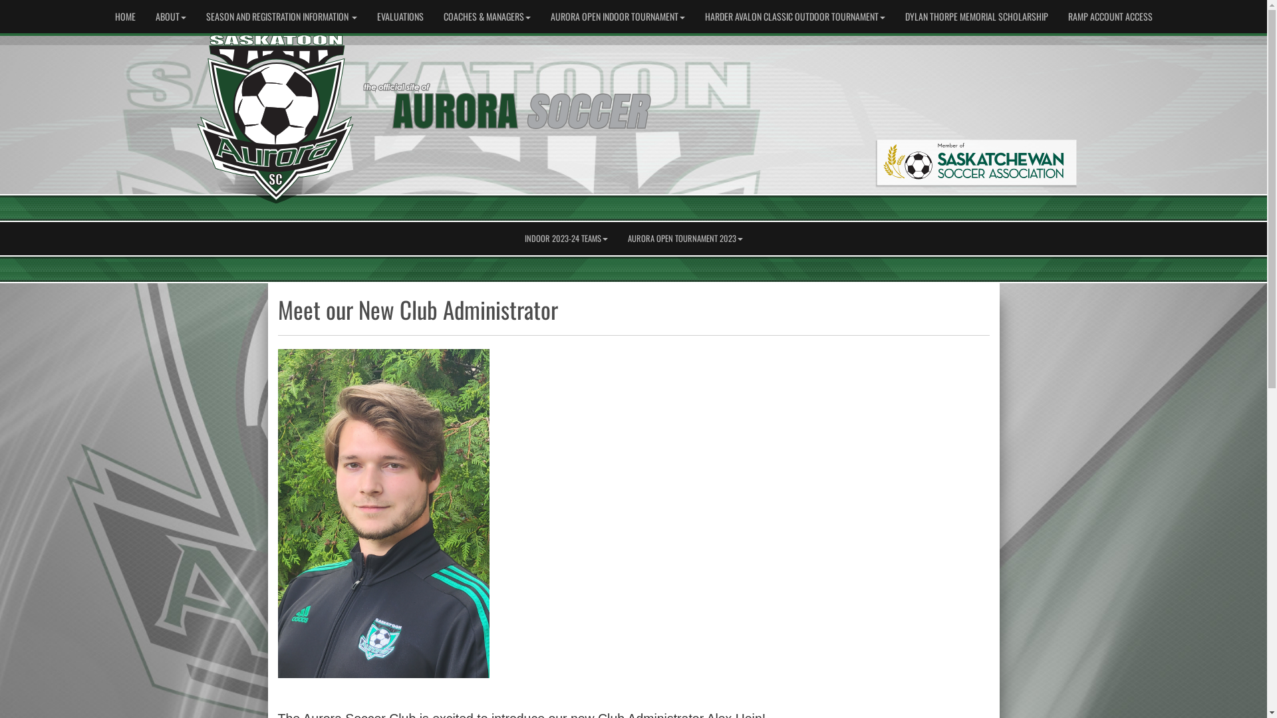 This screenshot has width=1277, height=718. Describe the element at coordinates (486, 16) in the screenshot. I see `'COACHES & MANAGERS'` at that location.